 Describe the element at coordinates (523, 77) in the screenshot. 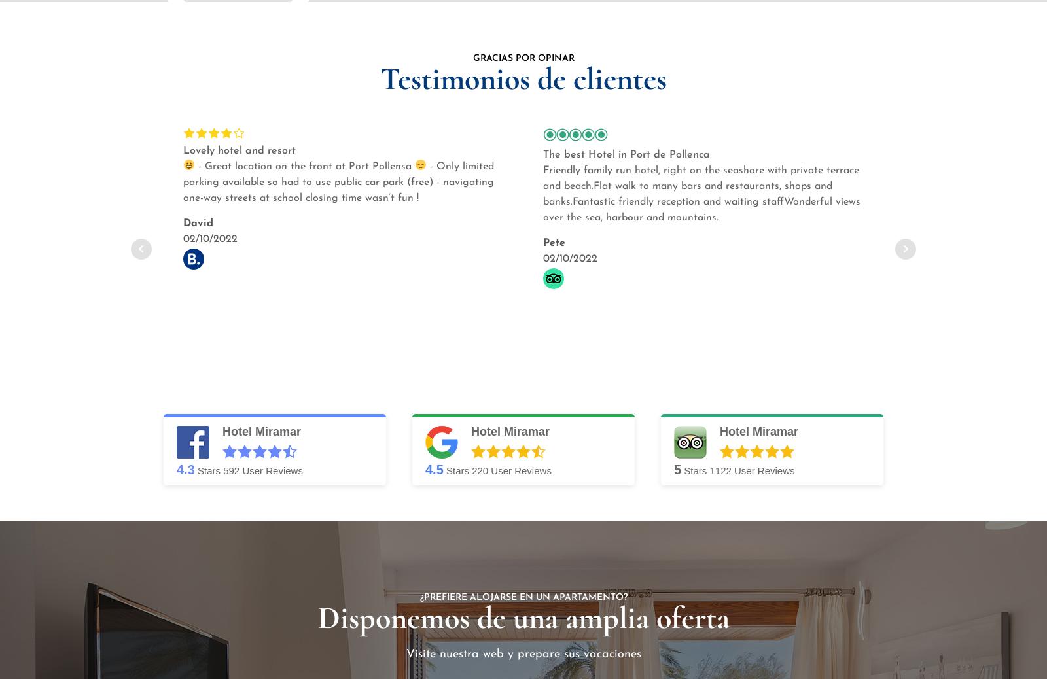

I see `'Testimonios de clientes'` at that location.